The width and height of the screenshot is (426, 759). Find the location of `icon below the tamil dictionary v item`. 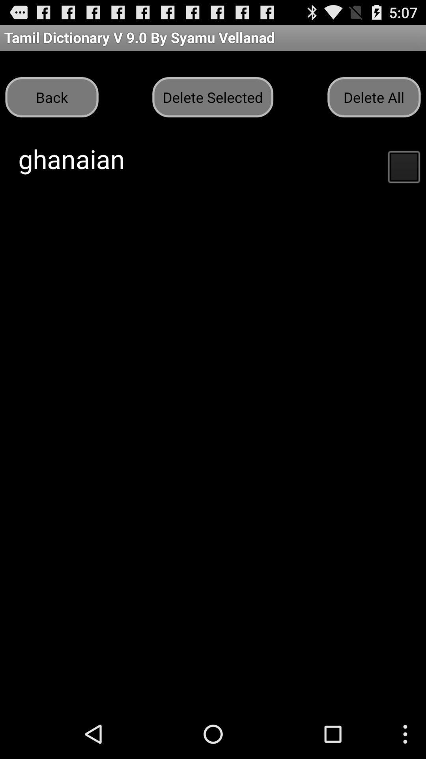

icon below the tamil dictionary v item is located at coordinates (52, 96).